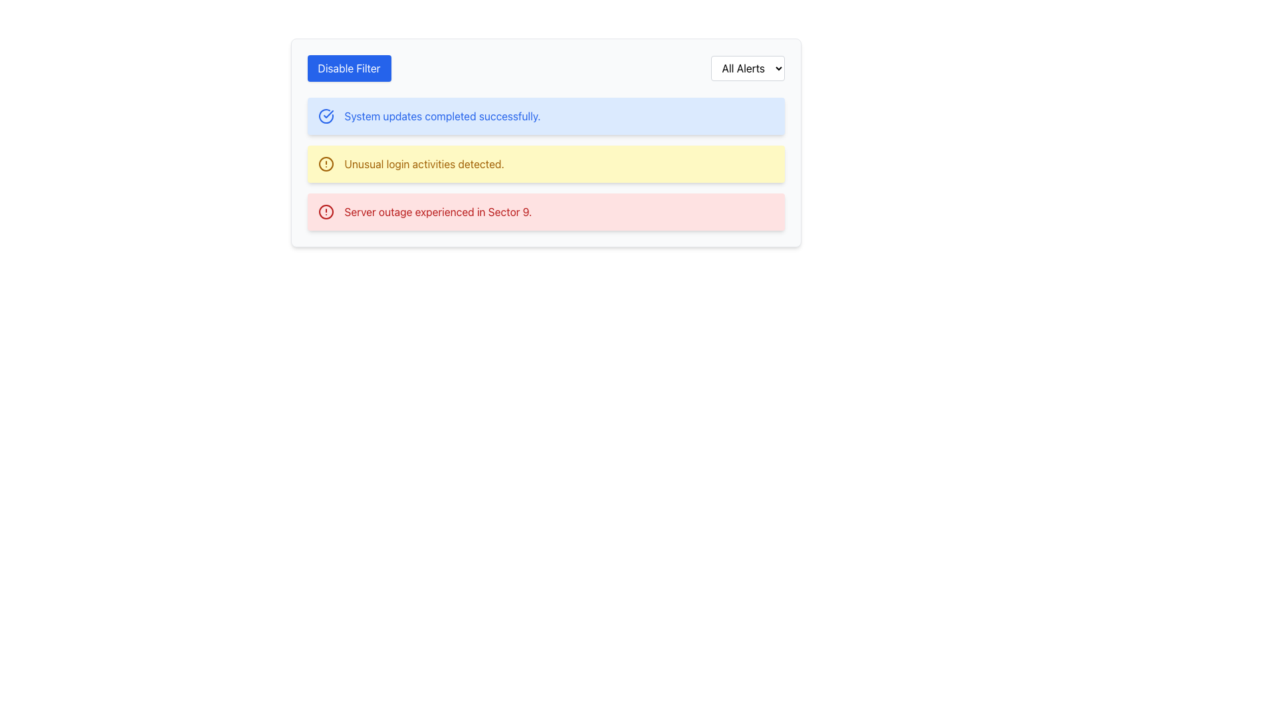 This screenshot has height=718, width=1276. Describe the element at coordinates (747, 68) in the screenshot. I see `the dropdown menu labeled 'All Alerts' with a downward arrow` at that location.